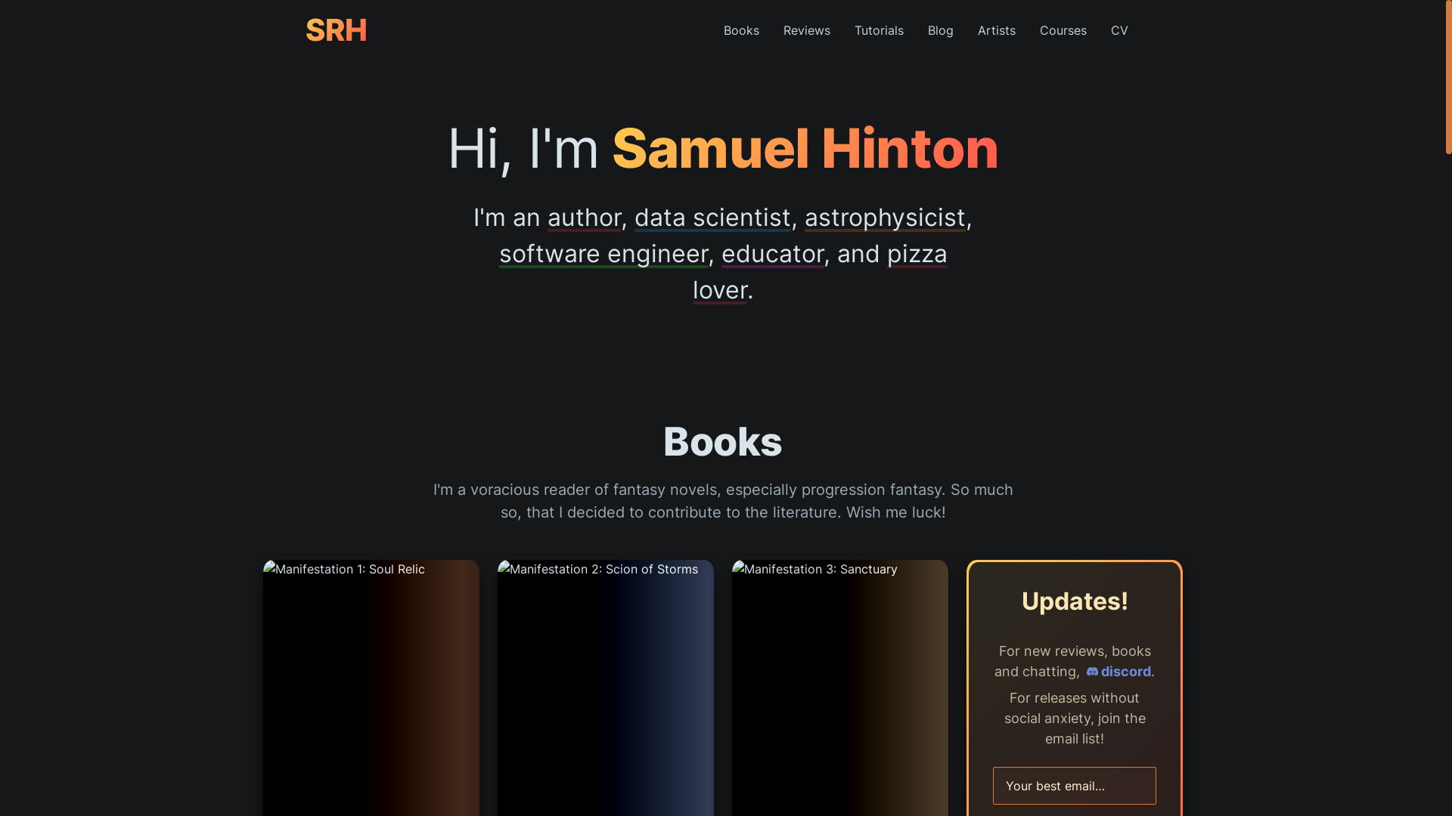  I want to click on 'Blog', so click(939, 29).